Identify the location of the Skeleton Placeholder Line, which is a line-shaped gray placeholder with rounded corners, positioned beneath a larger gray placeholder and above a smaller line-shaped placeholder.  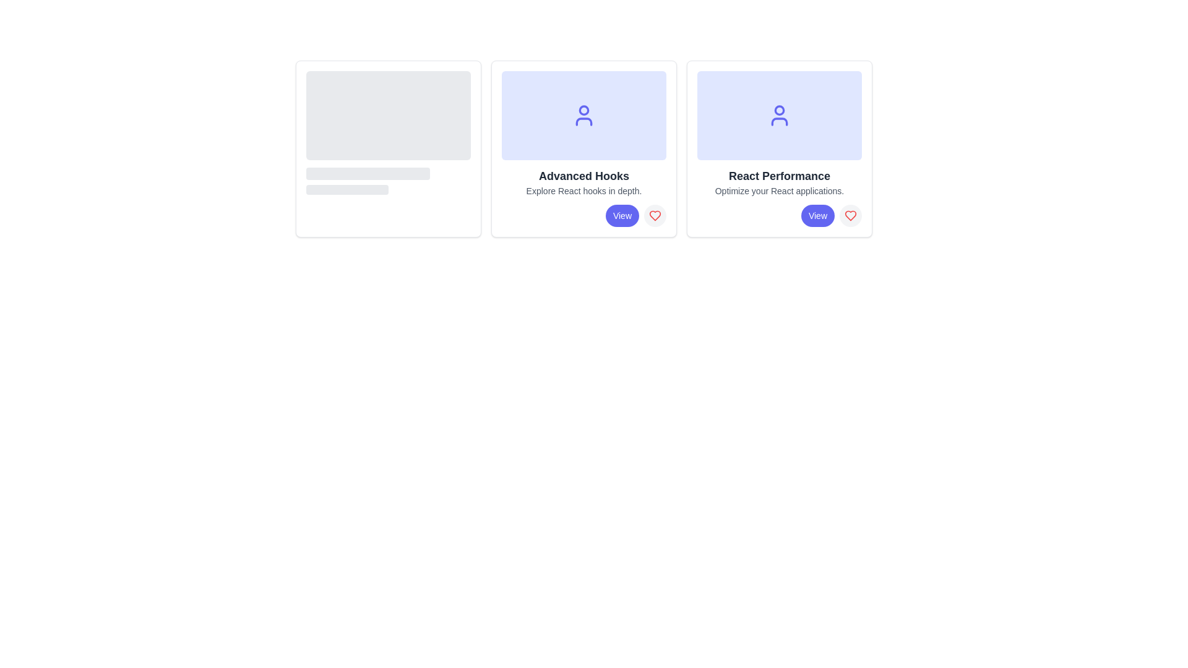
(367, 174).